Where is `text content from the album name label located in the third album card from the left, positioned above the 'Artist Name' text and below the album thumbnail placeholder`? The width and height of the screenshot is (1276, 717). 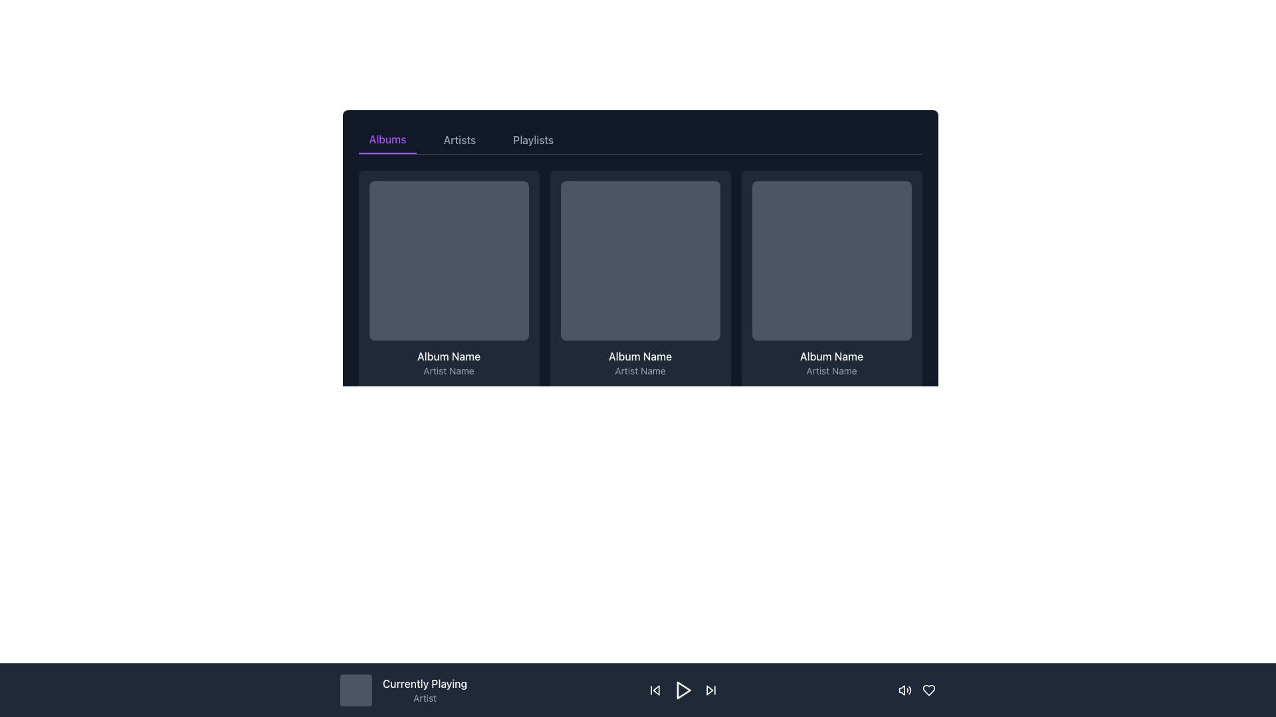 text content from the album name label located in the third album card from the left, positioned above the 'Artist Name' text and below the album thumbnail placeholder is located at coordinates (831, 355).